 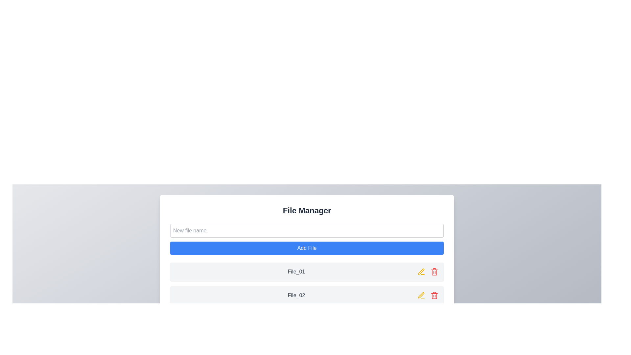 I want to click on the delete trash bin icon located on the rightmost side of the second row, so click(x=434, y=272).